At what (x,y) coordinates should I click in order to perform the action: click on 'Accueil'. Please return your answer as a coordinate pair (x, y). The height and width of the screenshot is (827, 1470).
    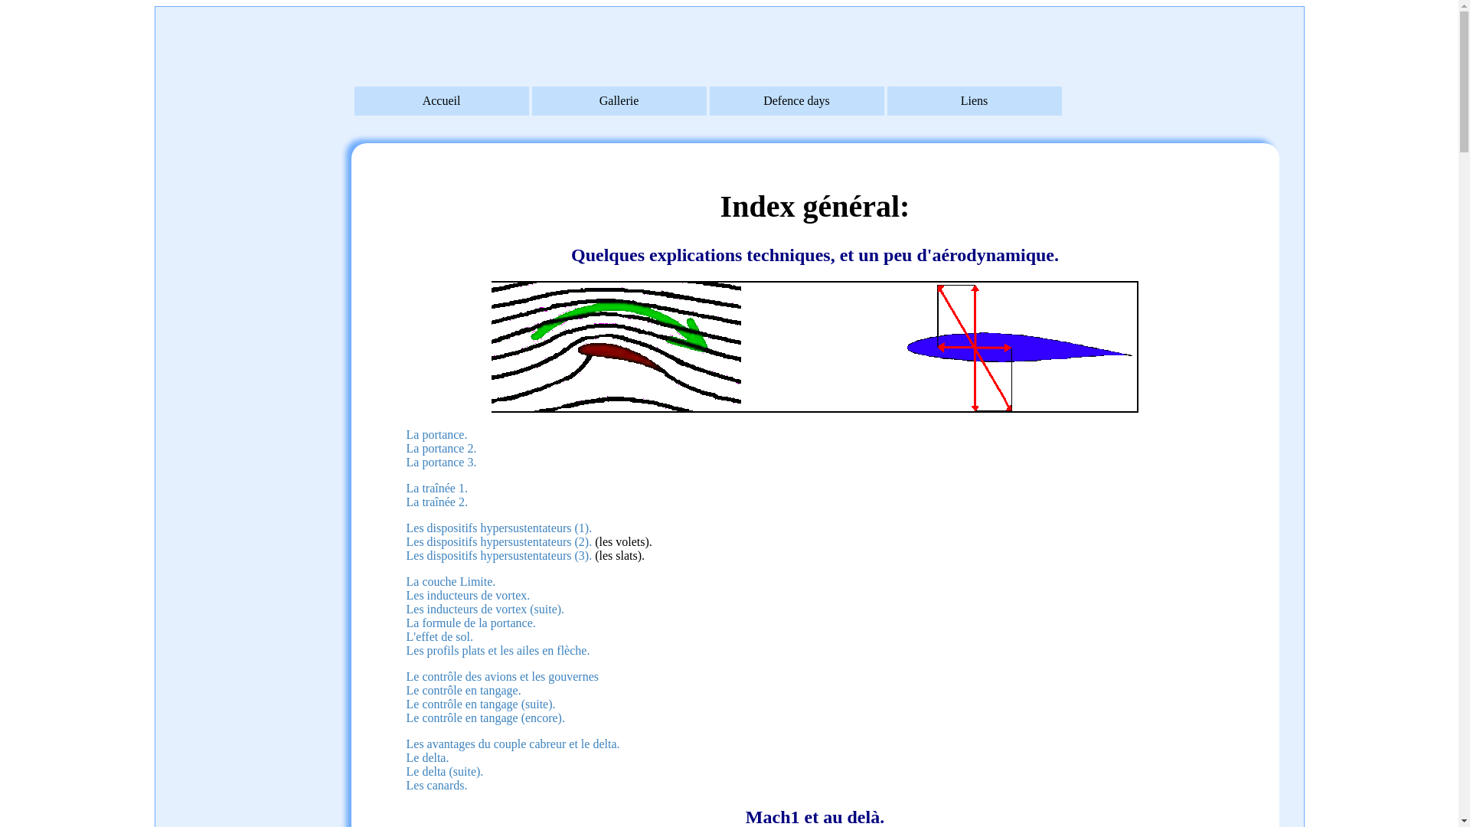
    Looking at the image, I should click on (440, 100).